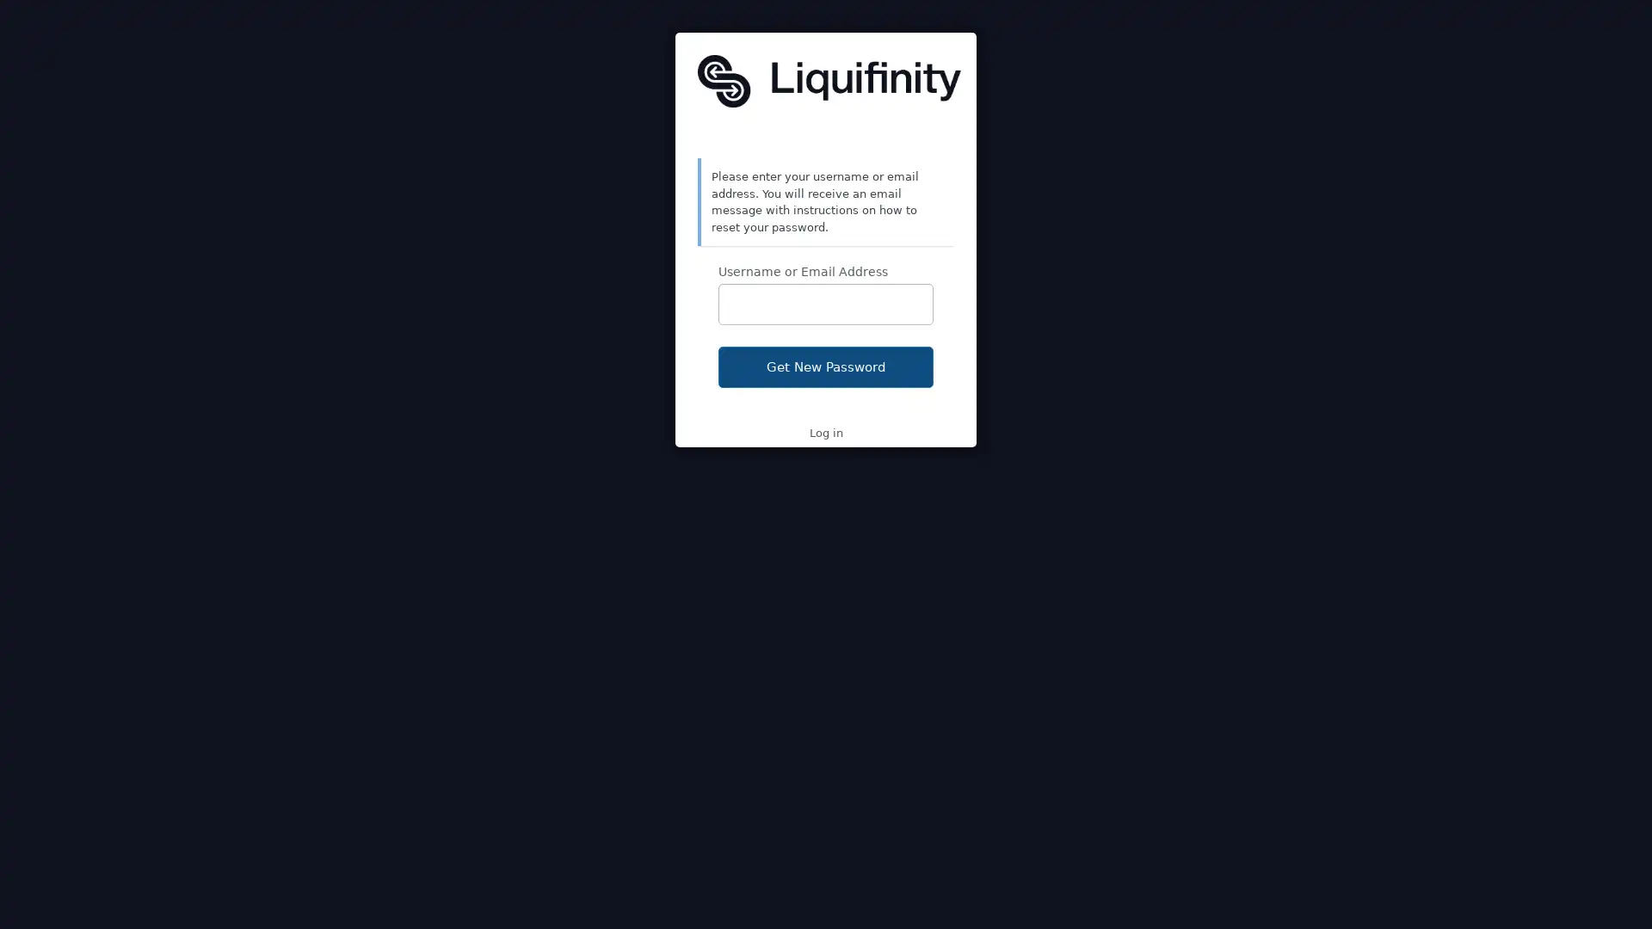 Image resolution: width=1652 pixels, height=929 pixels. I want to click on Get New Password, so click(826, 366).